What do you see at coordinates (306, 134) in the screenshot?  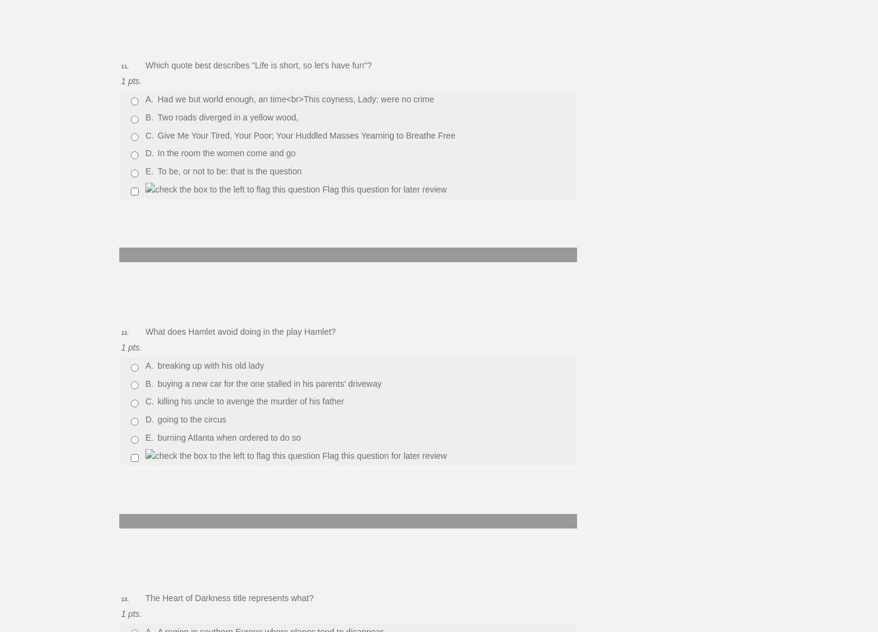 I see `'Give Me Your Tired, Your Poor; Your Huddled Masses Yearning to Breathe Free'` at bounding box center [306, 134].